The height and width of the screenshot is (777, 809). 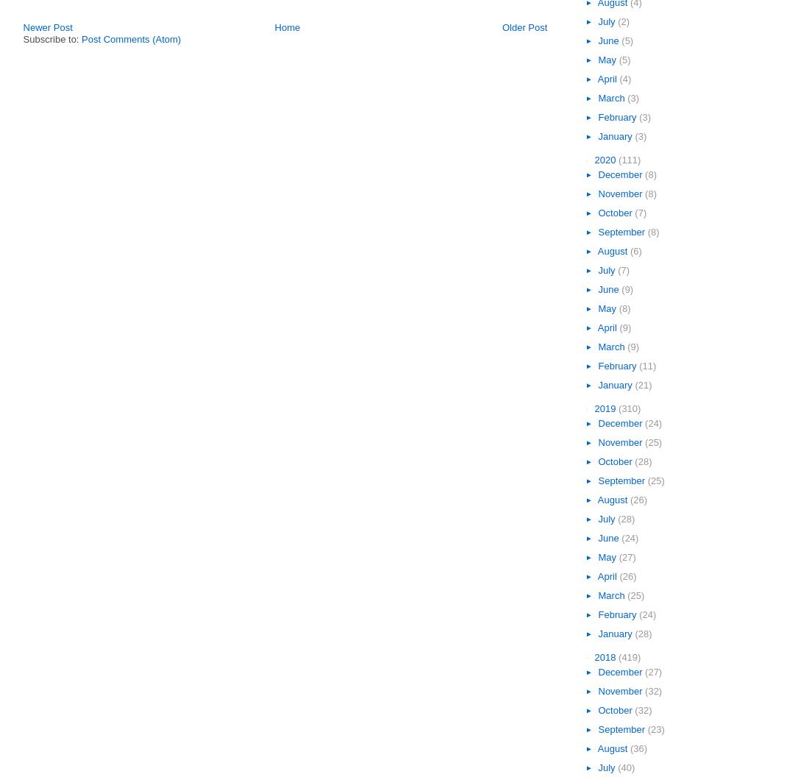 What do you see at coordinates (638, 747) in the screenshot?
I see `'(36)'` at bounding box center [638, 747].